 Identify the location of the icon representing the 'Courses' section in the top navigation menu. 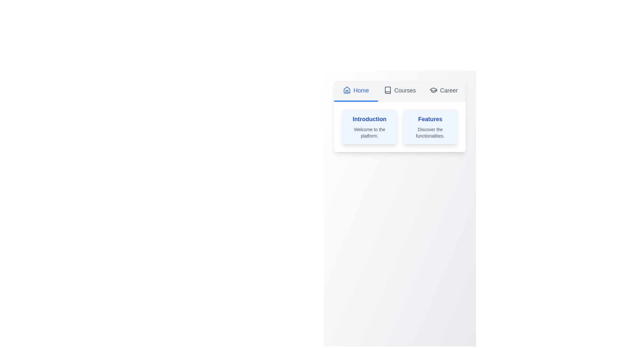
(387, 90).